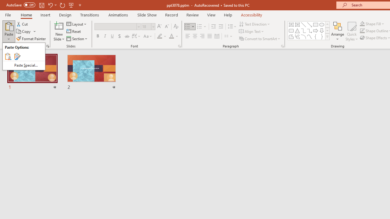 This screenshot has width=390, height=219. Describe the element at coordinates (202, 26) in the screenshot. I see `'Numbering'` at that location.